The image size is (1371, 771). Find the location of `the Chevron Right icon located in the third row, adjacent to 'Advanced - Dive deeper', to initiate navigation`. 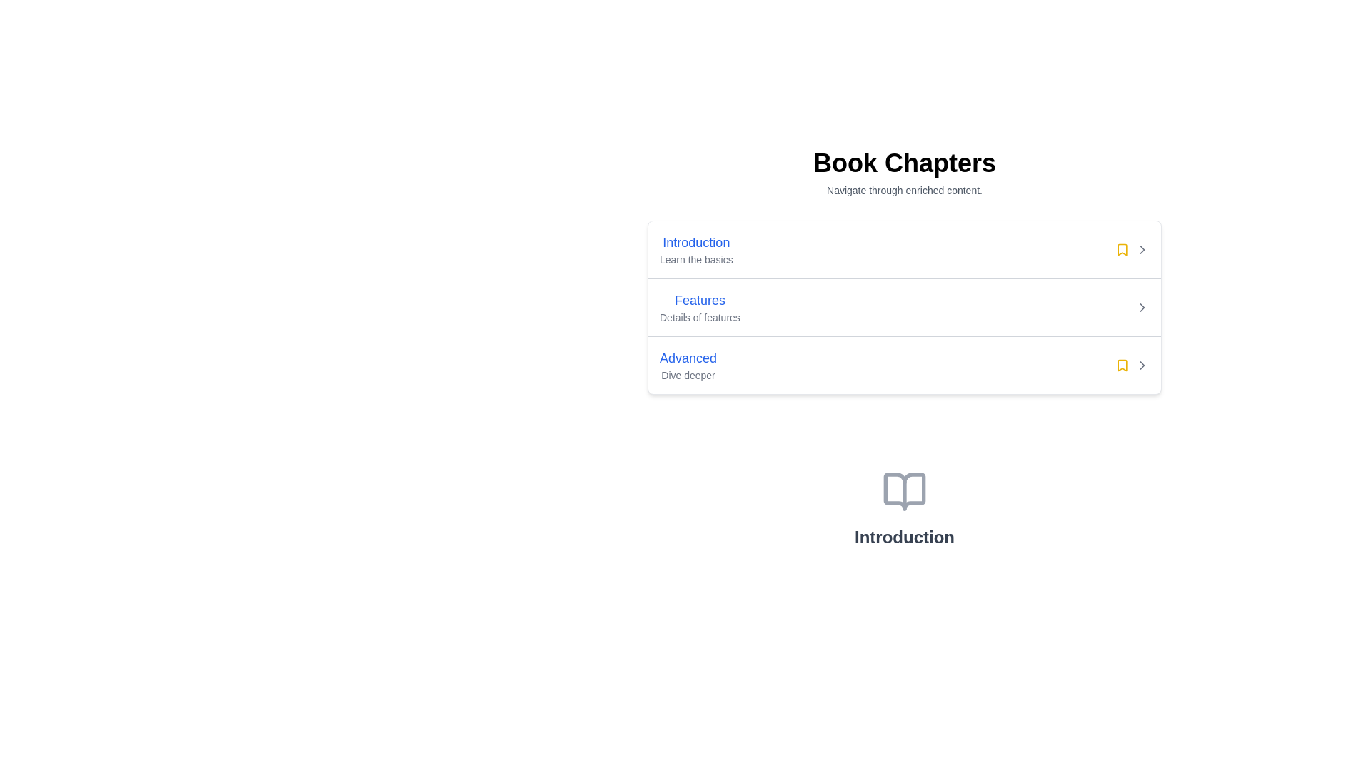

the Chevron Right icon located in the third row, adjacent to 'Advanced - Dive deeper', to initiate navigation is located at coordinates (1141, 365).